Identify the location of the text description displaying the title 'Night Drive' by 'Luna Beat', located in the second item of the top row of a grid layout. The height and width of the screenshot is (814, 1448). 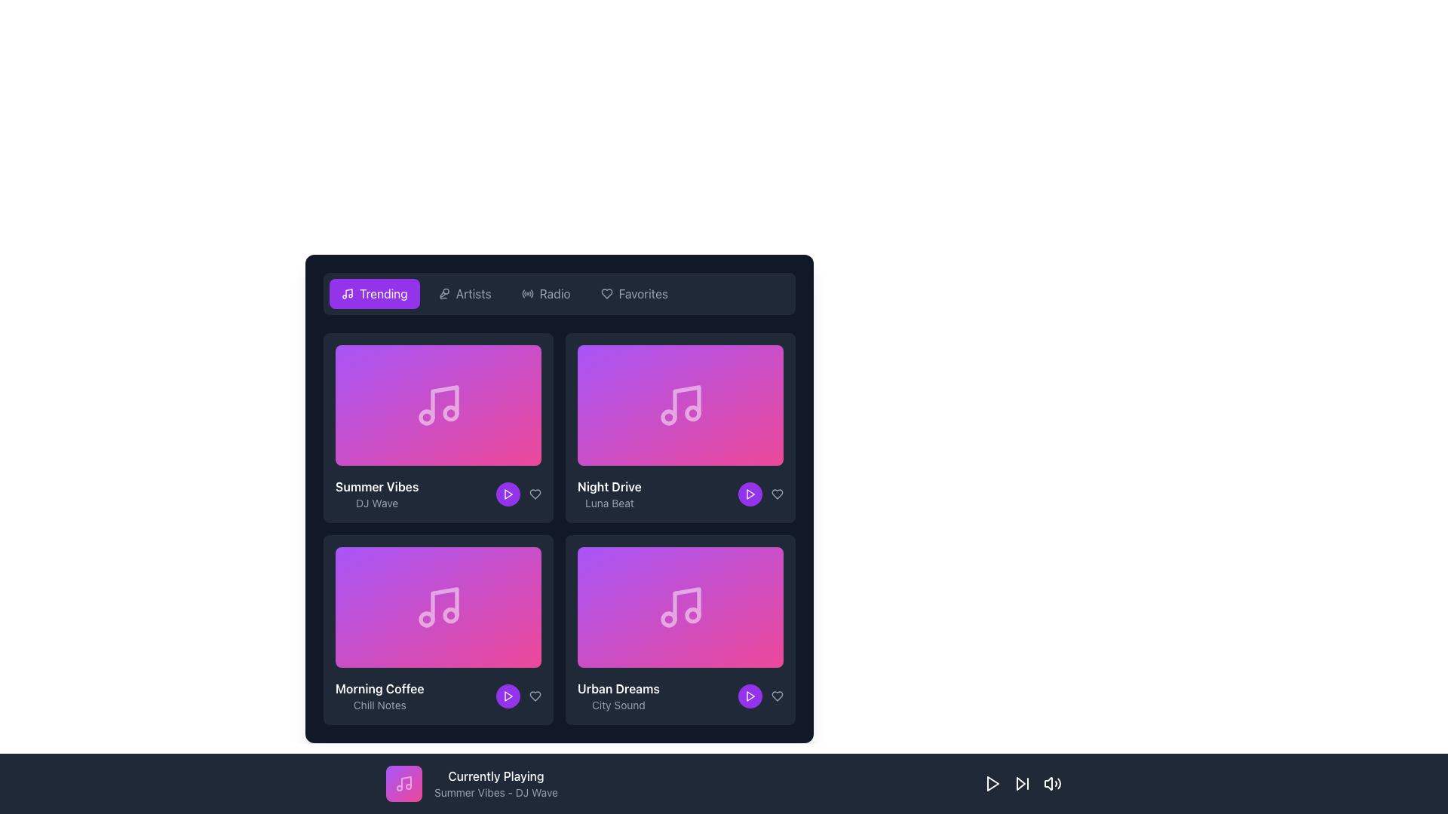
(609, 494).